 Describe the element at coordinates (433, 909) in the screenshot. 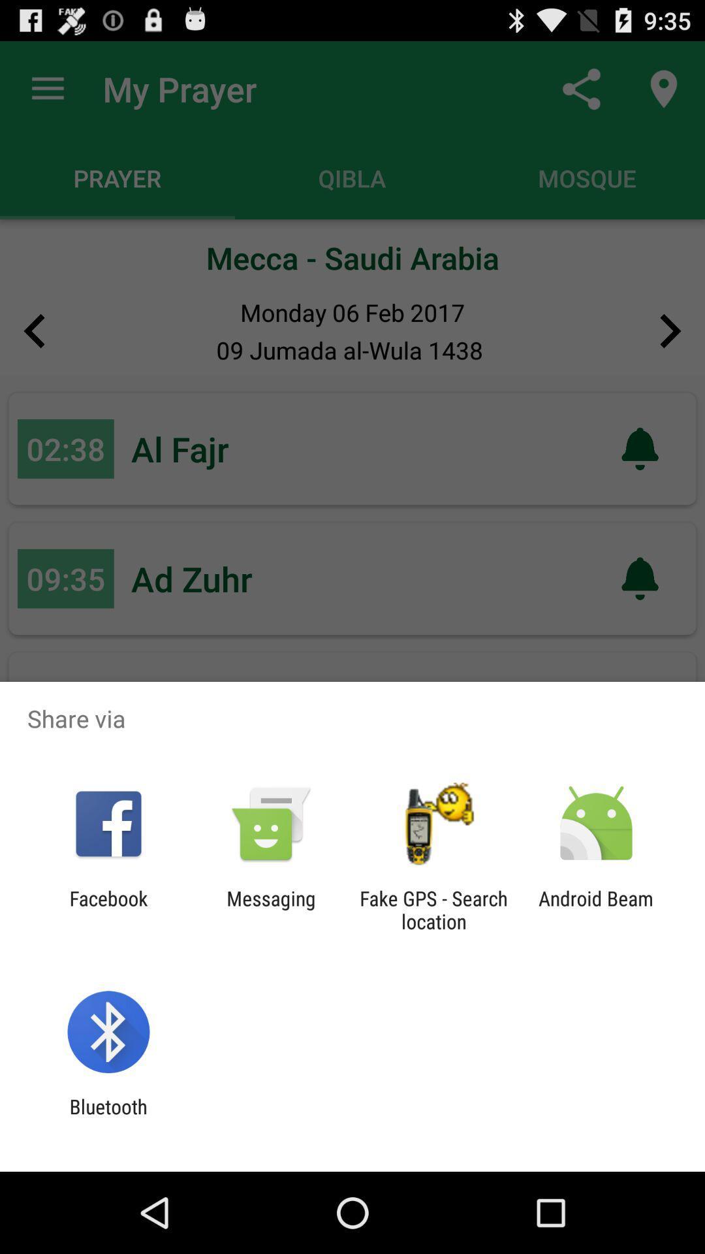

I see `the fake gps search icon` at that location.